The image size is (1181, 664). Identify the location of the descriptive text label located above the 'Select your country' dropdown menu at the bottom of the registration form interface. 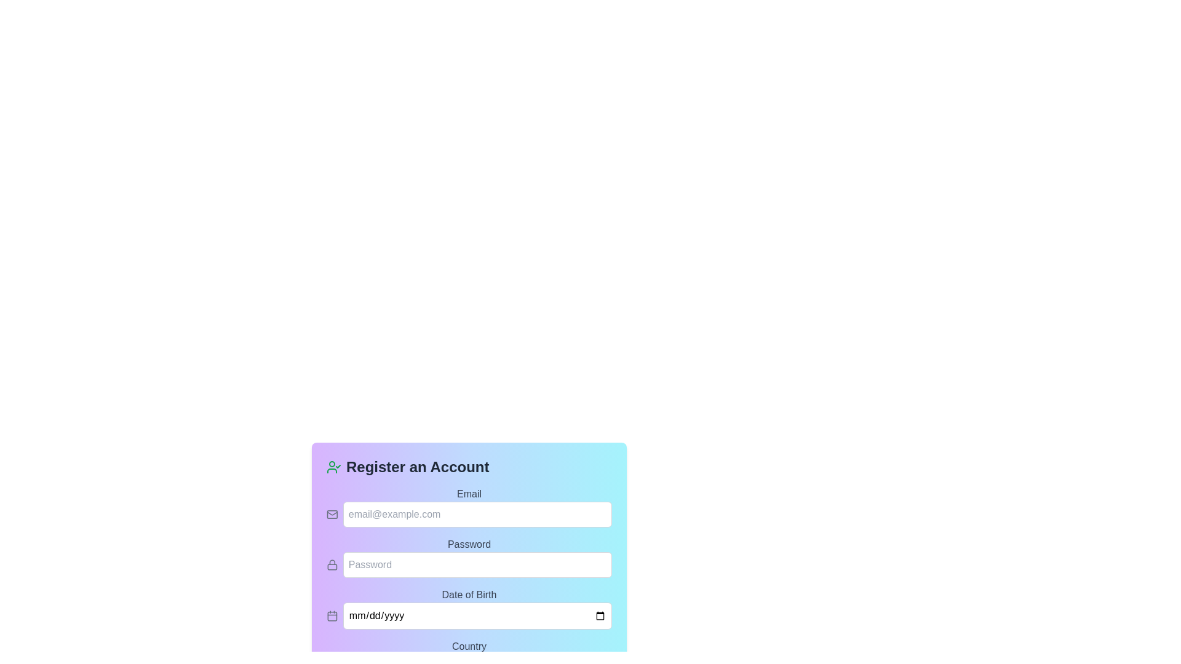
(469, 646).